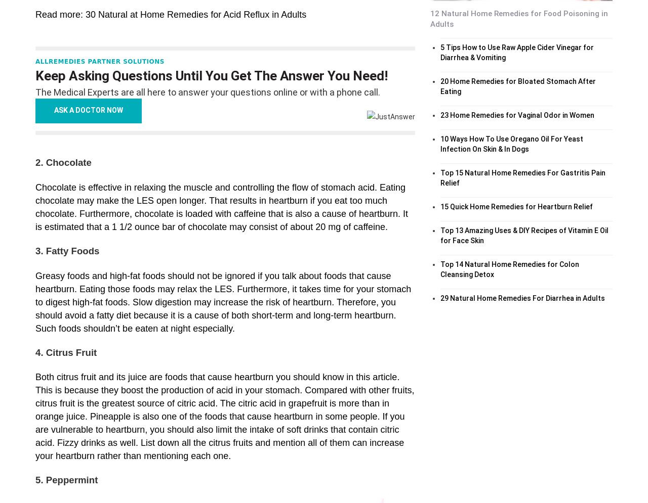 This screenshot has width=648, height=503. Describe the element at coordinates (509, 268) in the screenshot. I see `'Top 14 Natural Home Remedies for Colon Cleansing Detox'` at that location.